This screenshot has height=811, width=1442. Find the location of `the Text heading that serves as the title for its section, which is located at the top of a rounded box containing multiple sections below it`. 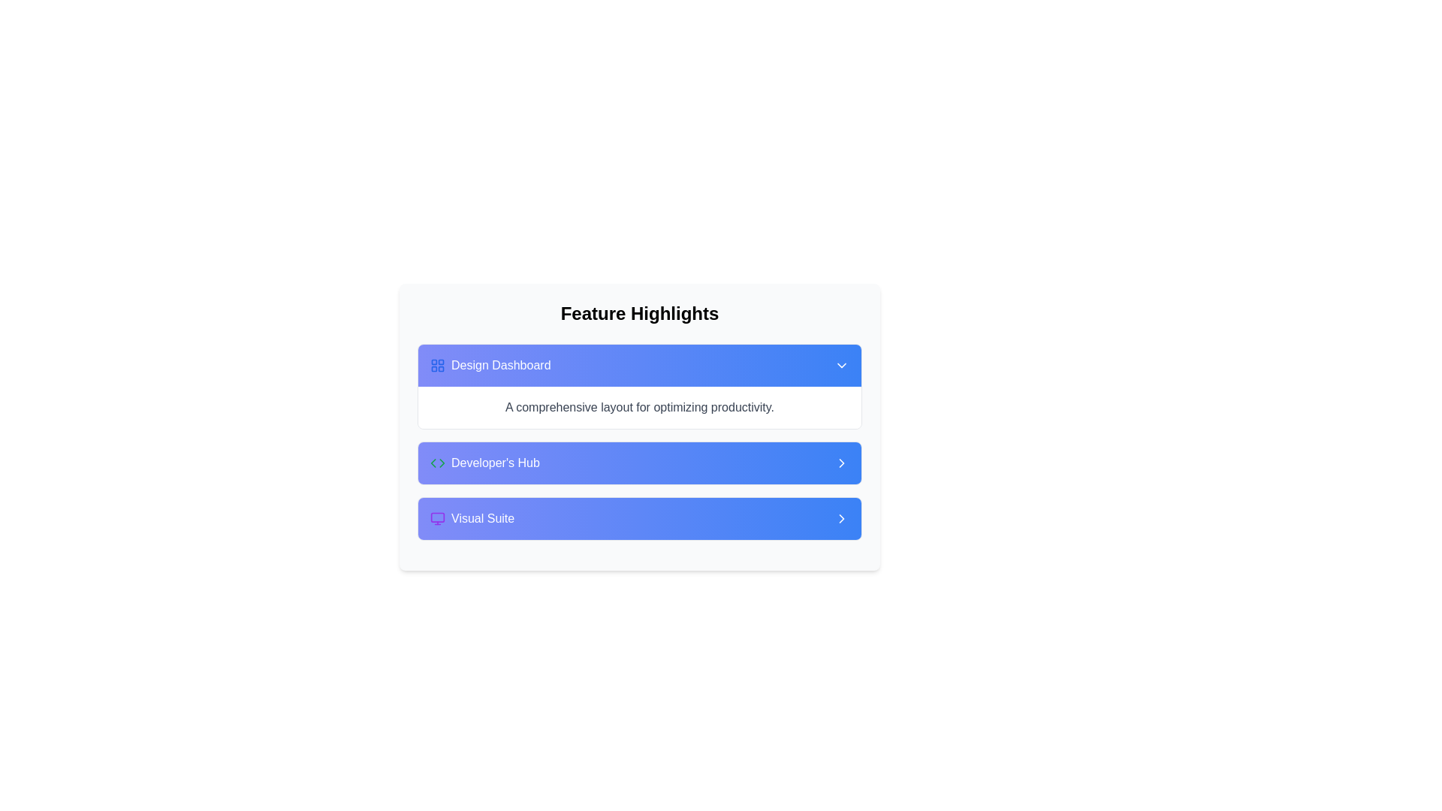

the Text heading that serves as the title for its section, which is located at the top of a rounded box containing multiple sections below it is located at coordinates (639, 312).